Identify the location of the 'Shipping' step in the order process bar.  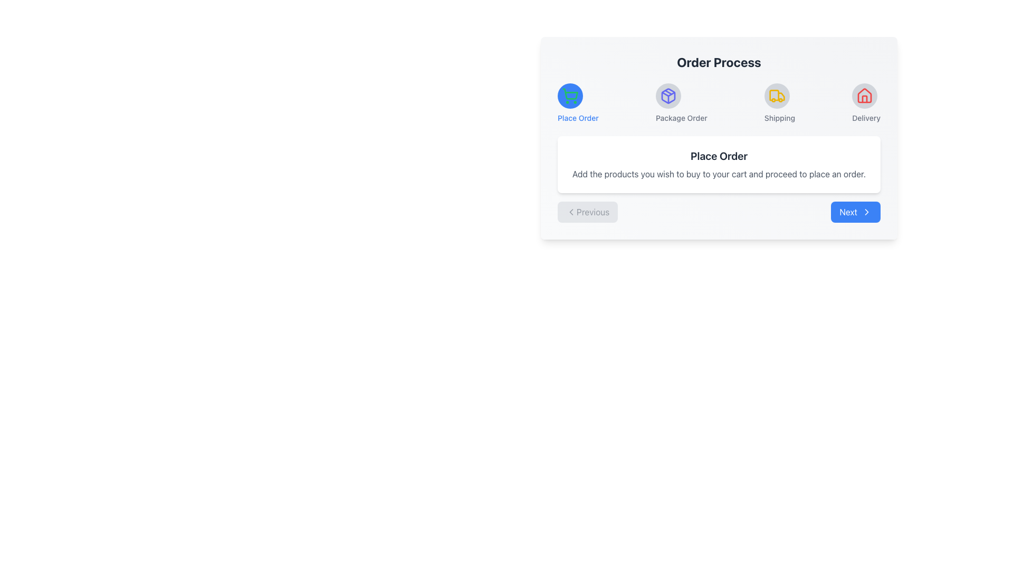
(780, 103).